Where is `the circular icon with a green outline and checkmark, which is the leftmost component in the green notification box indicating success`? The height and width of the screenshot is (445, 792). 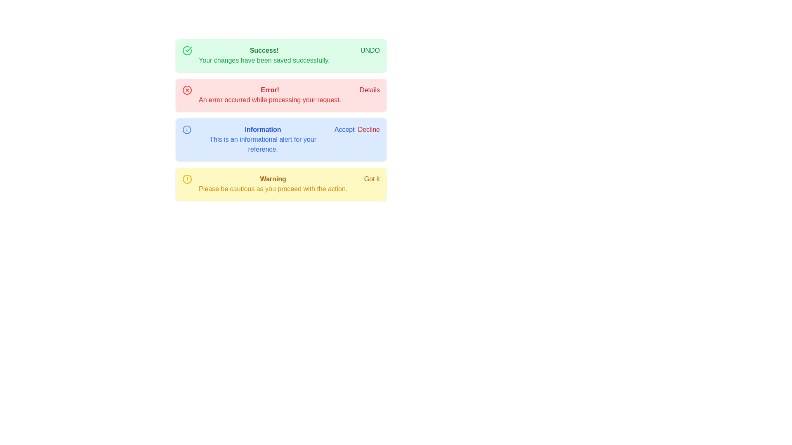 the circular icon with a green outline and checkmark, which is the leftmost component in the green notification box indicating success is located at coordinates (187, 51).